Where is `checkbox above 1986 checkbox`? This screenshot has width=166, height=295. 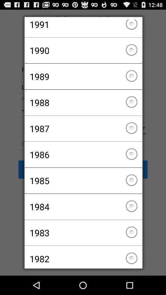 checkbox above 1986 checkbox is located at coordinates (83, 128).